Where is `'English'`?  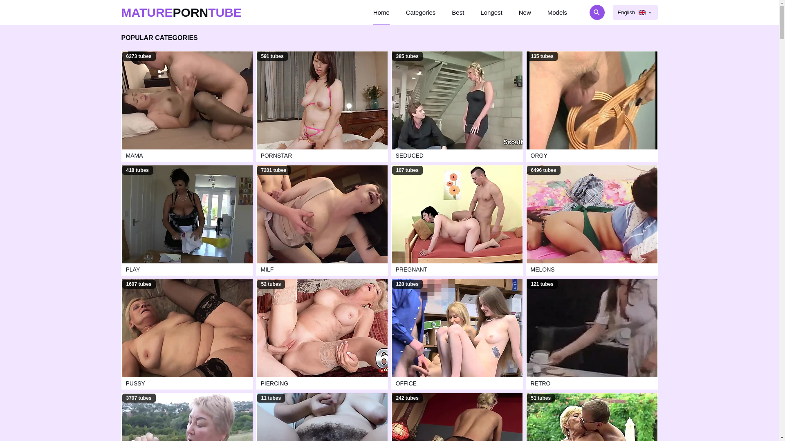
'English' is located at coordinates (635, 12).